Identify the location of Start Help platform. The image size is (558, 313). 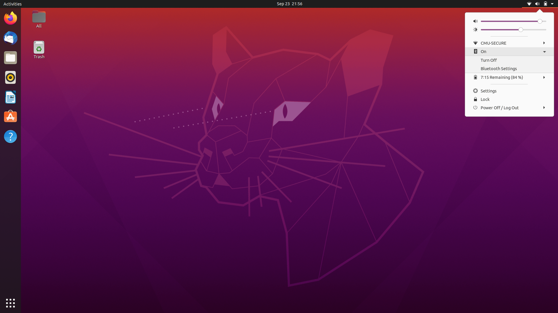
(11, 137).